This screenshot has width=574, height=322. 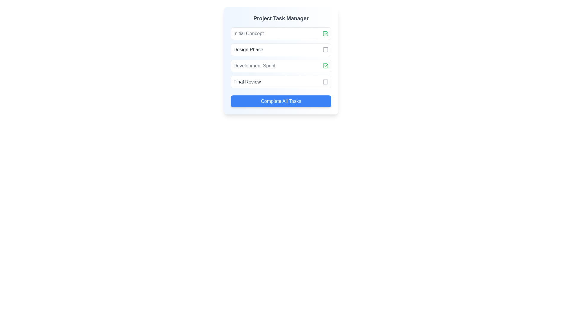 What do you see at coordinates (325, 49) in the screenshot?
I see `the checkbox or task marker icon for the 'Design Phase' task` at bounding box center [325, 49].